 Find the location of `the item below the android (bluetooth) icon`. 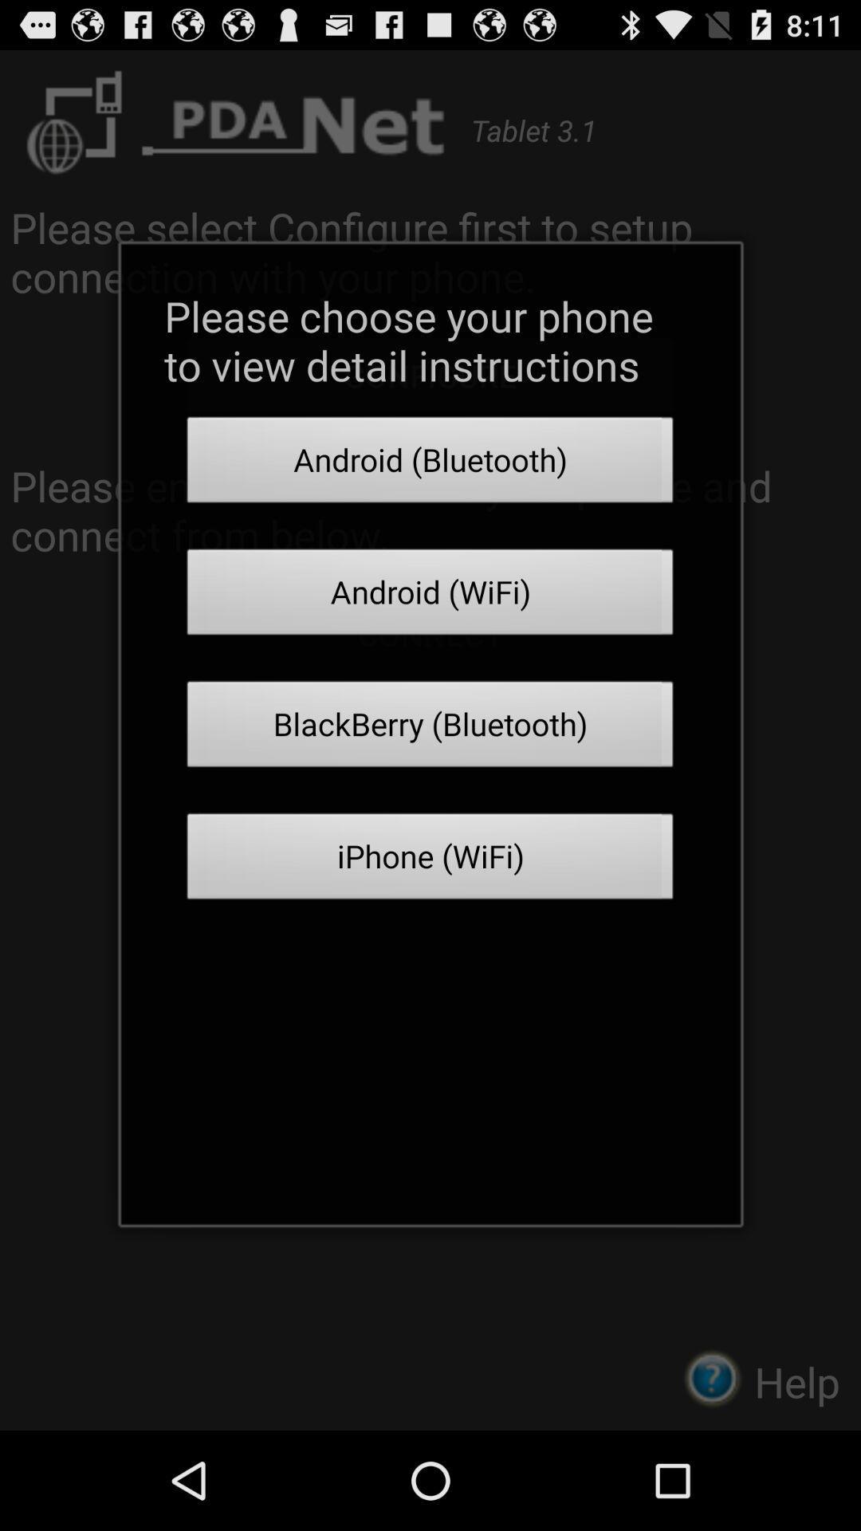

the item below the android (bluetooth) icon is located at coordinates (431, 596).